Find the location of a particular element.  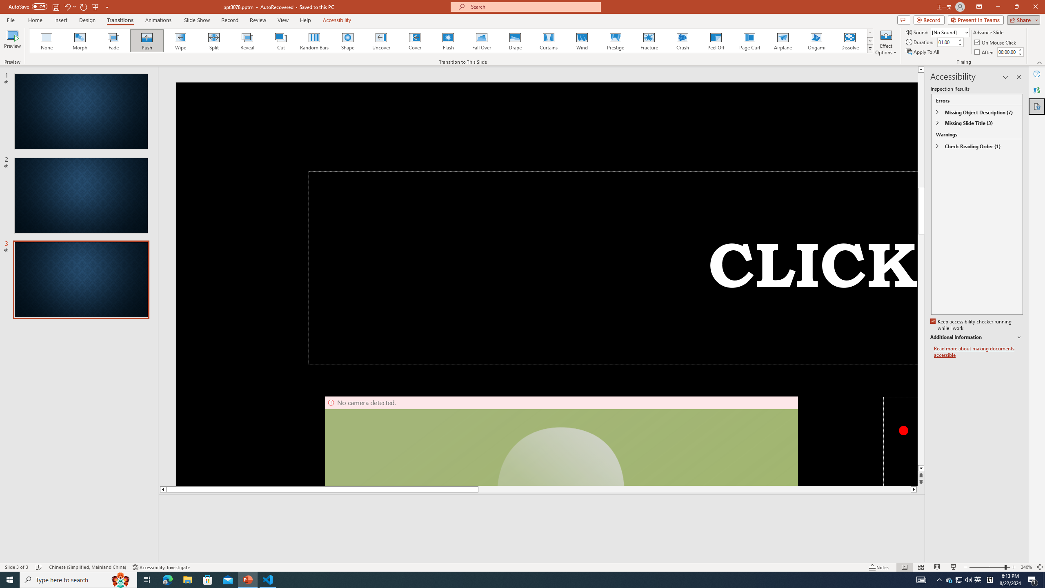

'Crush' is located at coordinates (682, 40).